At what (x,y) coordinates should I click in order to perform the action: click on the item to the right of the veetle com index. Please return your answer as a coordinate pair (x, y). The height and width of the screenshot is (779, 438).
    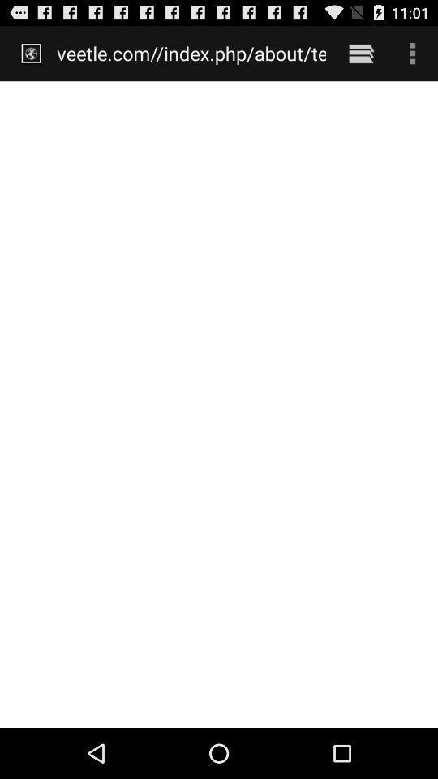
    Looking at the image, I should click on (361, 53).